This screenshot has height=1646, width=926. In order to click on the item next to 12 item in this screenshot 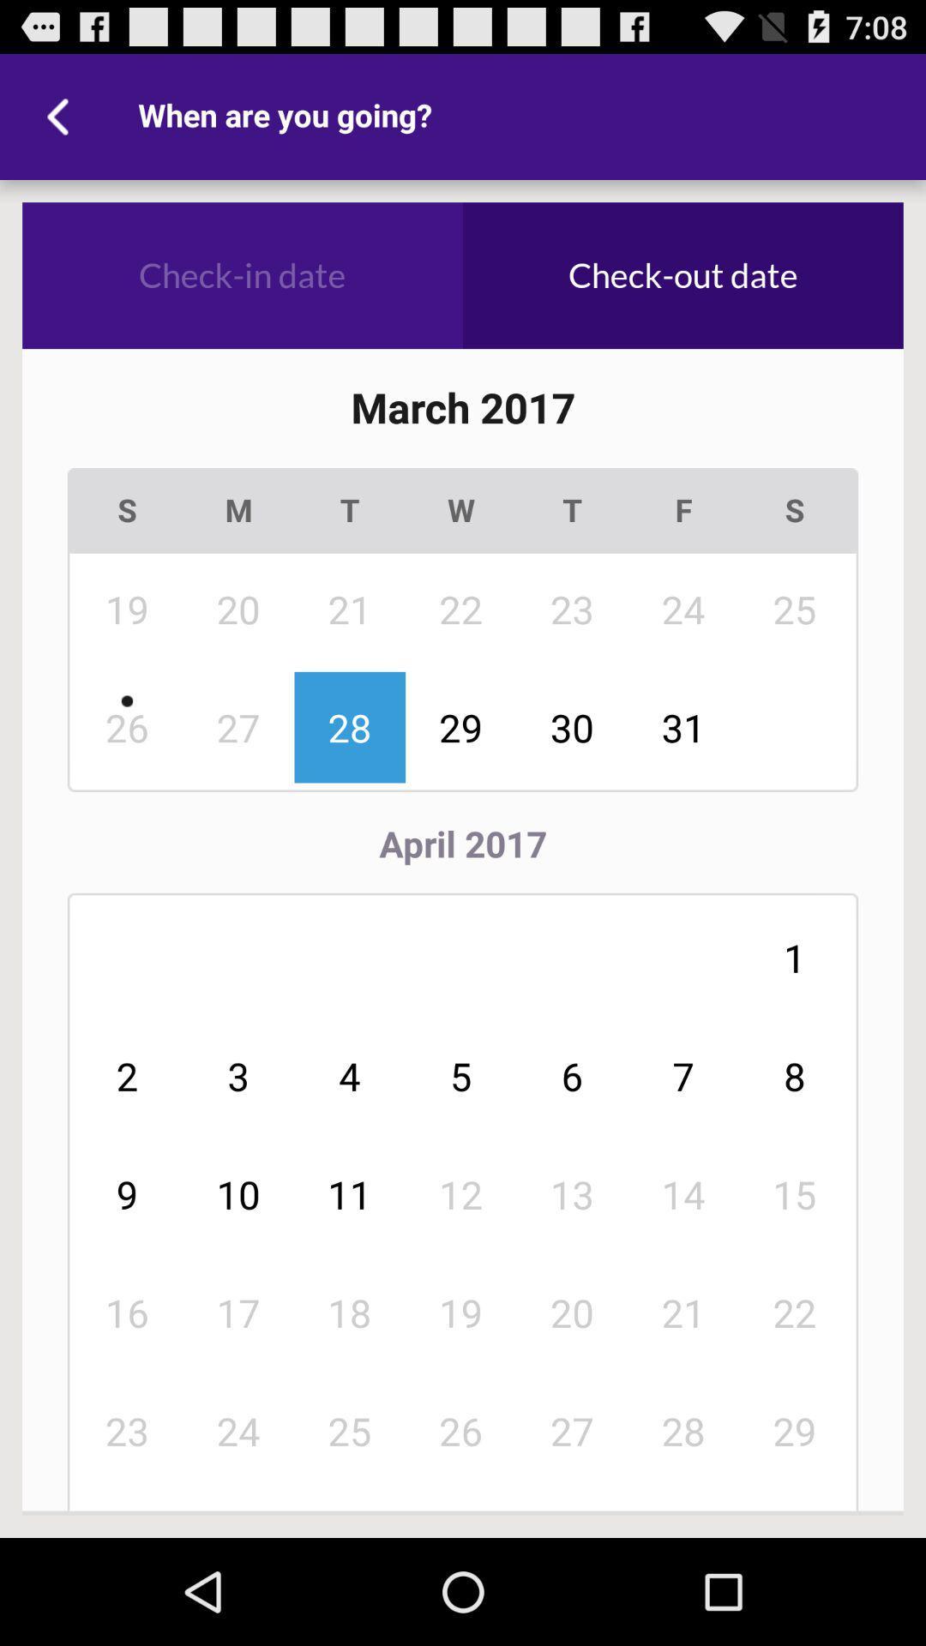, I will do `click(349, 1312)`.